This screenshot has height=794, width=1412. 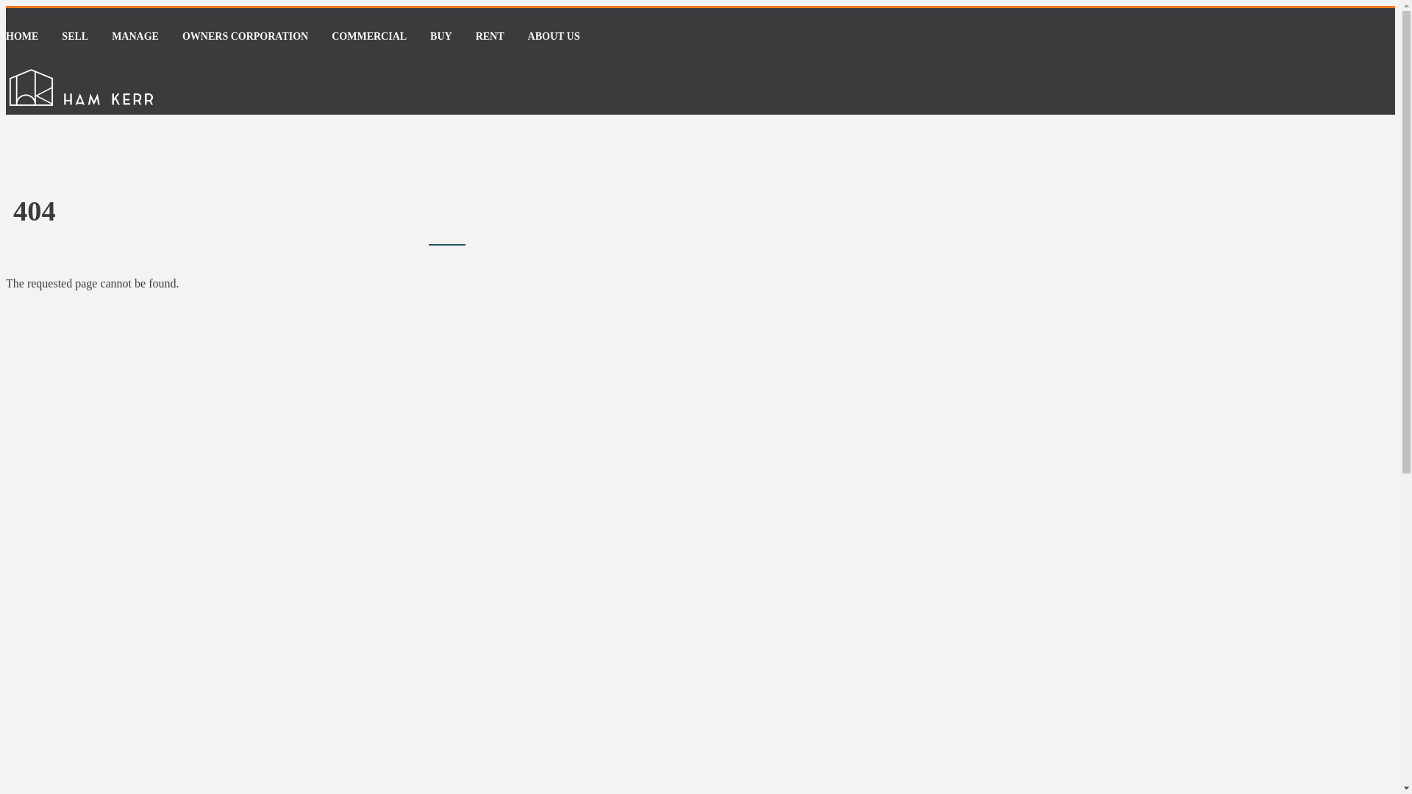 I want to click on 'MANAGE', so click(x=135, y=36).